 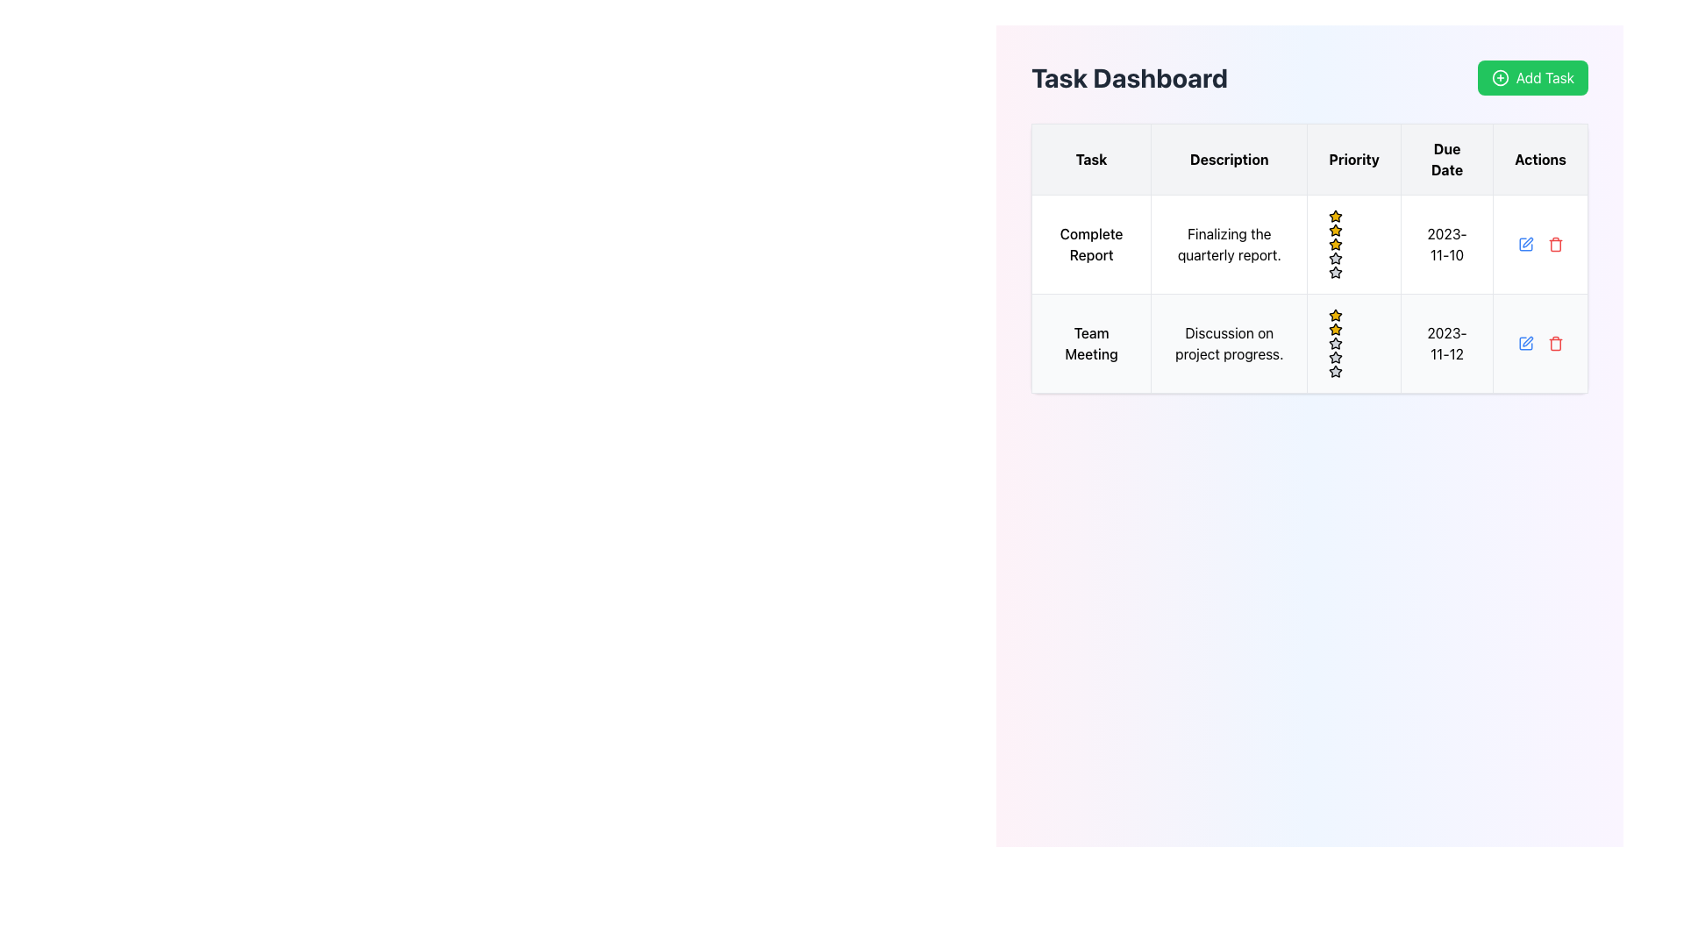 What do you see at coordinates (1335, 314) in the screenshot?
I see `the second golden star icon in the five-star rating row under the 'Priority' column labeled 'Team Meeting' to rate it` at bounding box center [1335, 314].